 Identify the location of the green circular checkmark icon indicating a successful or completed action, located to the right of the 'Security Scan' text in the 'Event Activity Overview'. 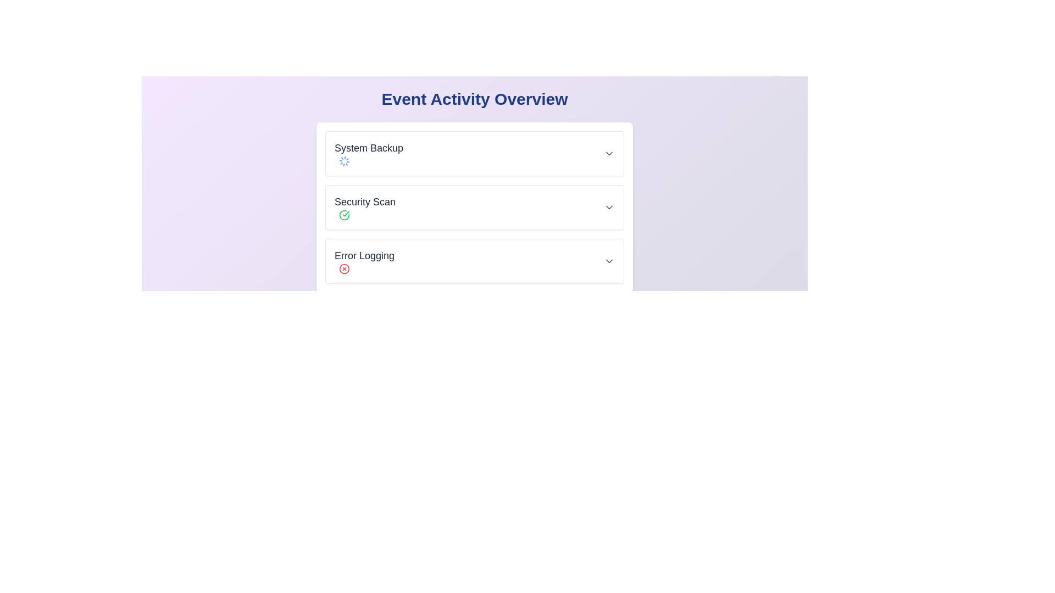
(344, 215).